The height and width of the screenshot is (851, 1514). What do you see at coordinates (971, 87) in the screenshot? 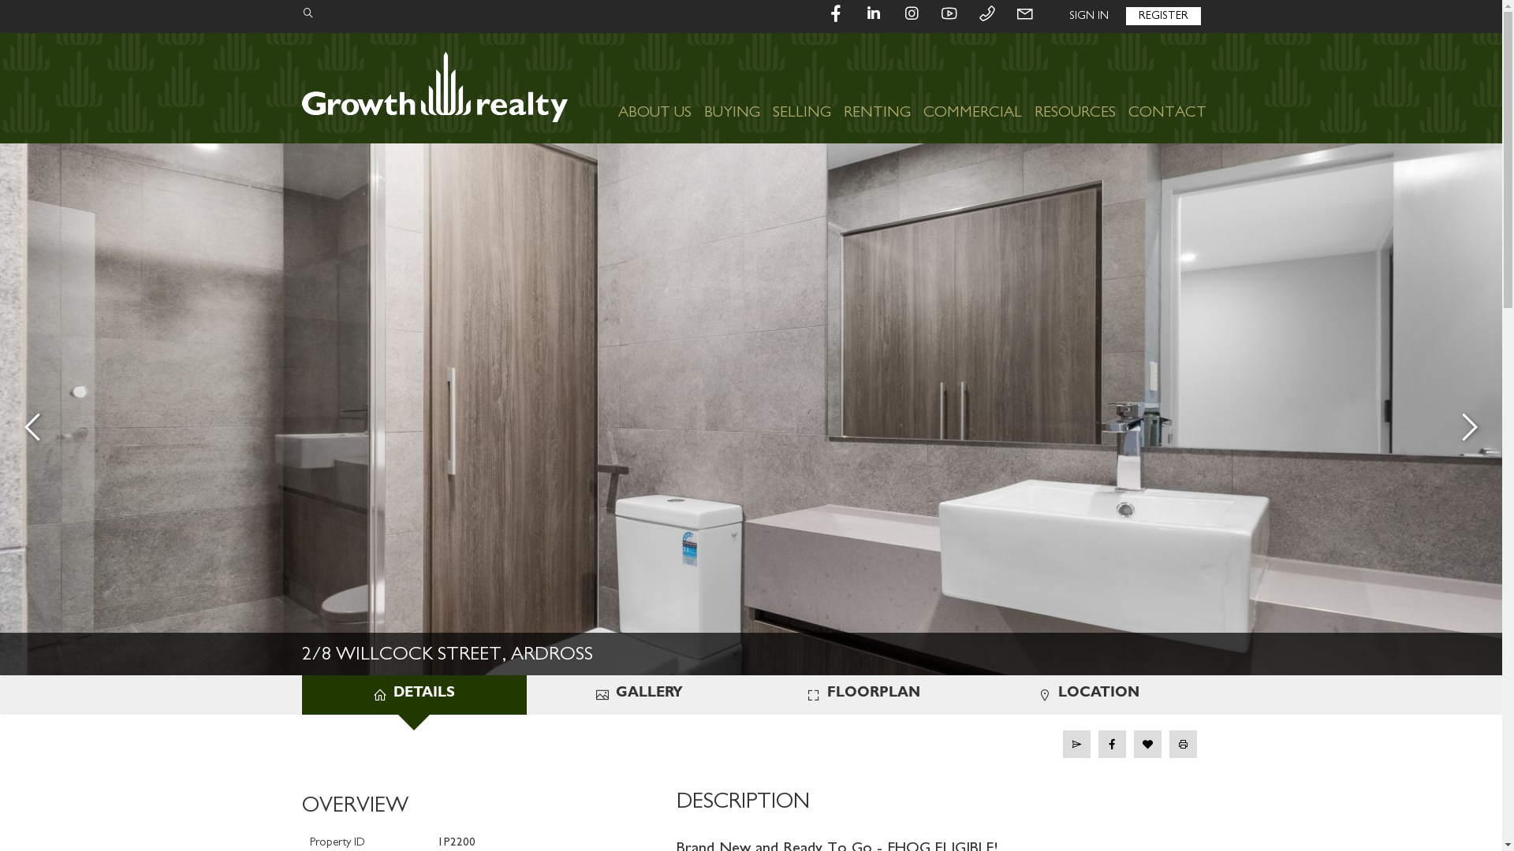
I see `'COMMERCIAL'` at bounding box center [971, 87].